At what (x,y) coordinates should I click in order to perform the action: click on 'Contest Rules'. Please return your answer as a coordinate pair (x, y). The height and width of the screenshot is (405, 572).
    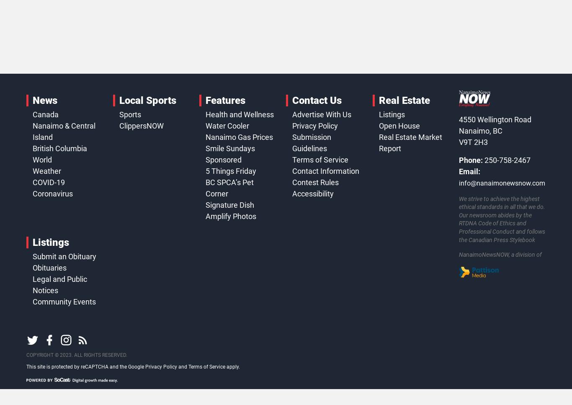
    Looking at the image, I should click on (315, 181).